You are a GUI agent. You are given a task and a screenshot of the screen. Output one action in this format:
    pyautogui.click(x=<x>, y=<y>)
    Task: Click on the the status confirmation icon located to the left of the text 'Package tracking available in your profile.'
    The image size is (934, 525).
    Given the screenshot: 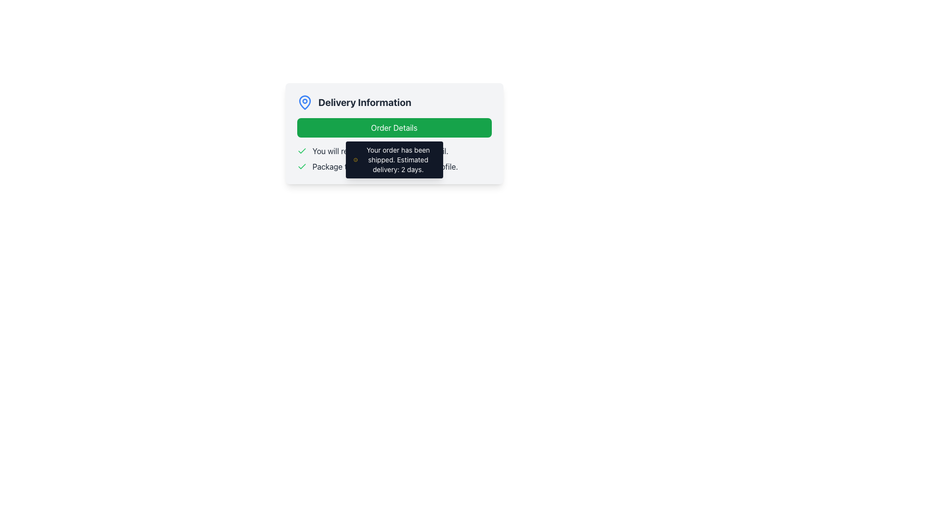 What is the action you would take?
    pyautogui.click(x=301, y=166)
    